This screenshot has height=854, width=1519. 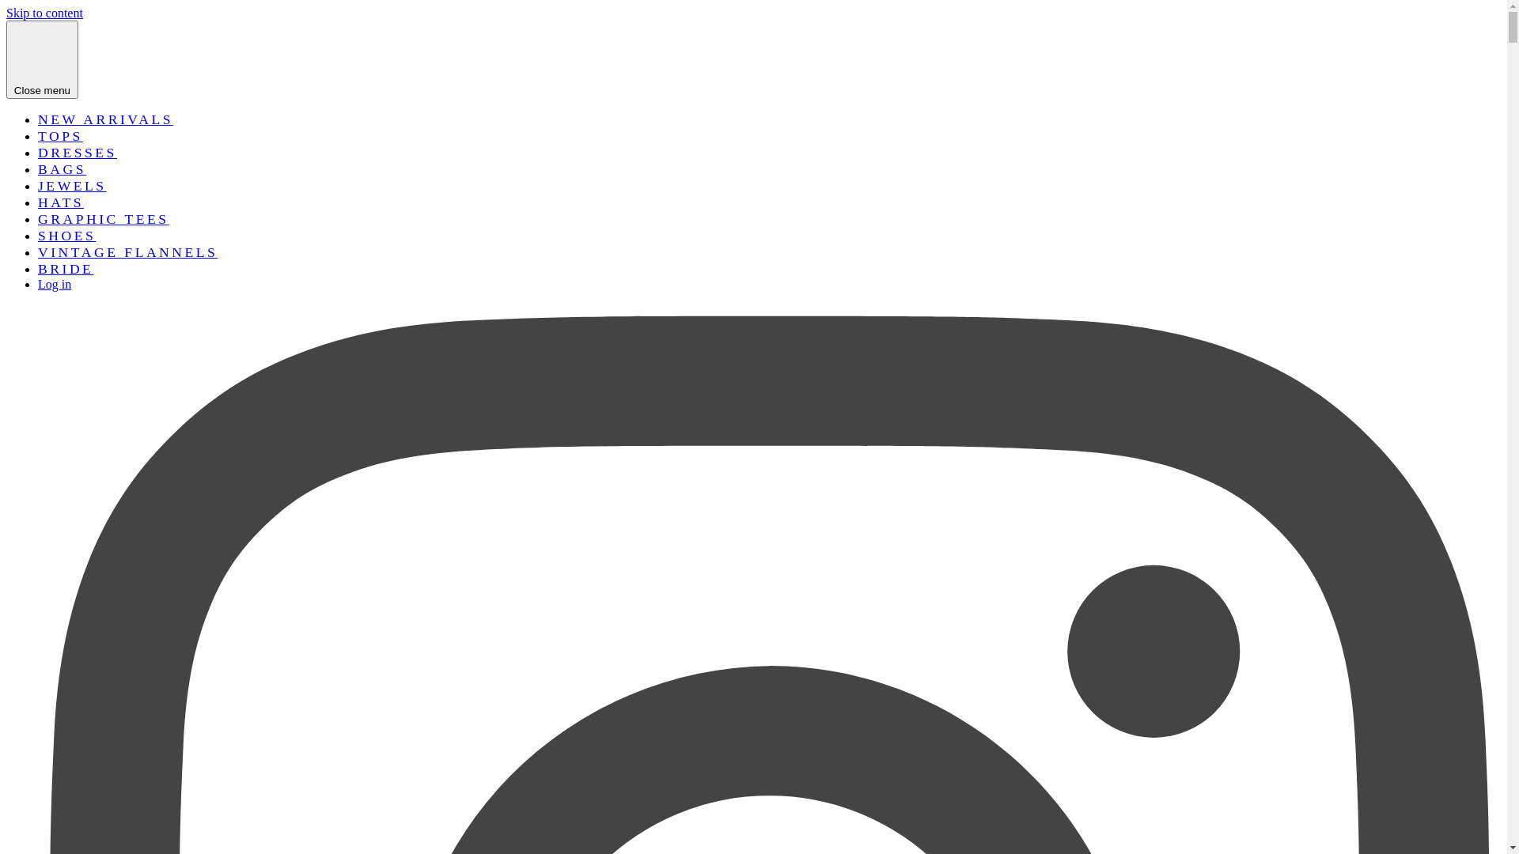 I want to click on 'Close menu', so click(x=42, y=59).